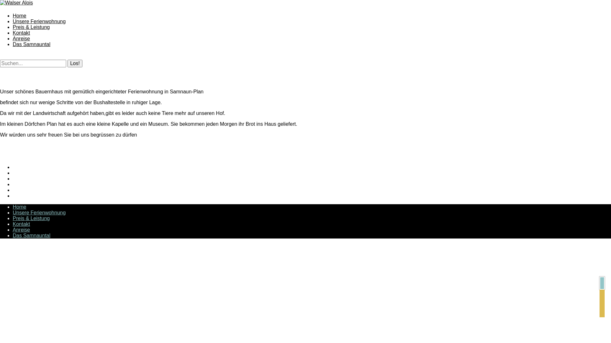 This screenshot has width=611, height=343. What do you see at coordinates (39, 212) in the screenshot?
I see `'Unsere Ferienwohnung'` at bounding box center [39, 212].